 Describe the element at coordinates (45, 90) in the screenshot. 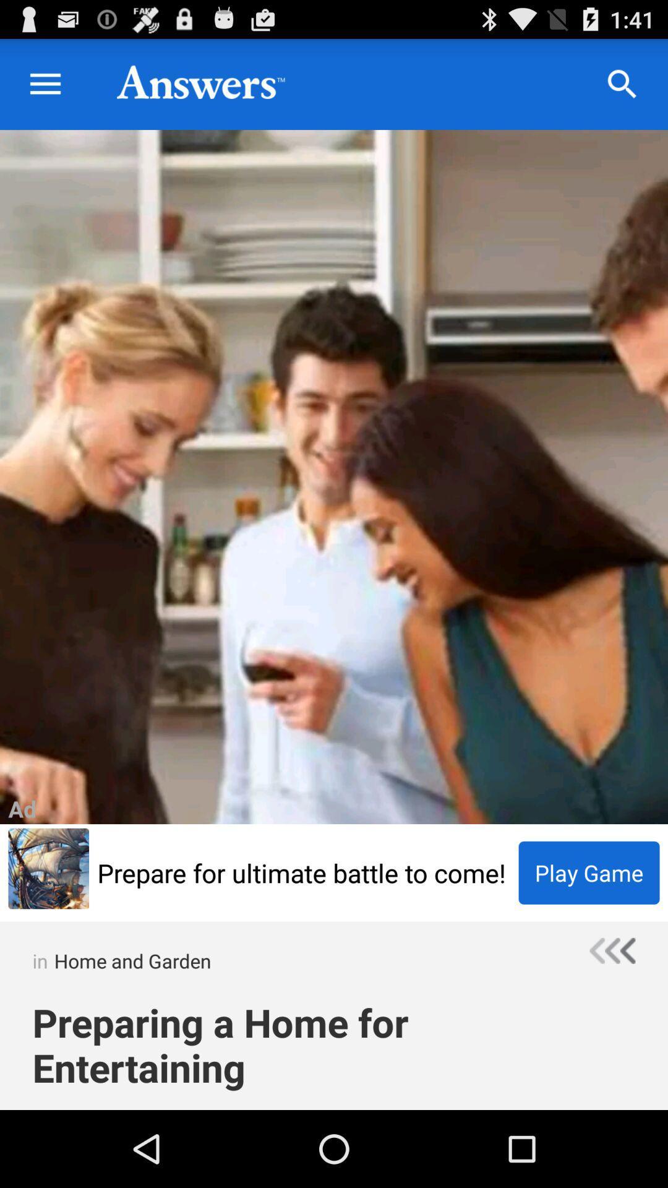

I see `the menu icon` at that location.